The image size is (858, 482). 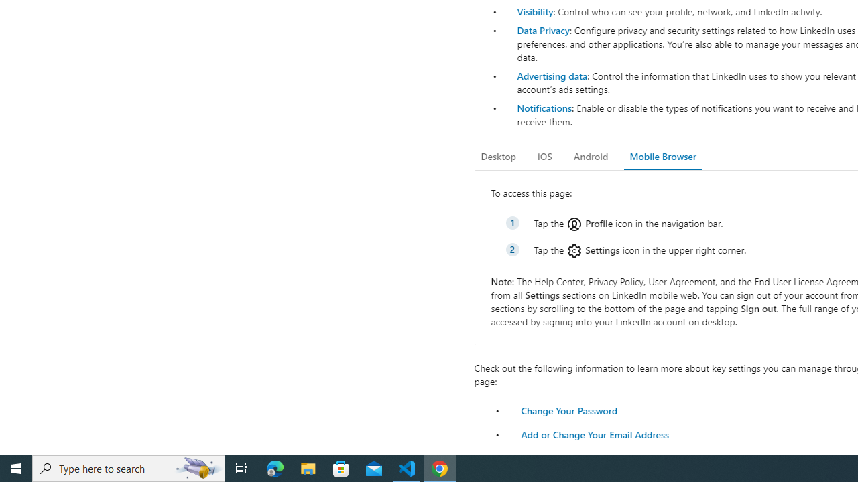 What do you see at coordinates (544, 107) in the screenshot?
I see `'Notifications'` at bounding box center [544, 107].